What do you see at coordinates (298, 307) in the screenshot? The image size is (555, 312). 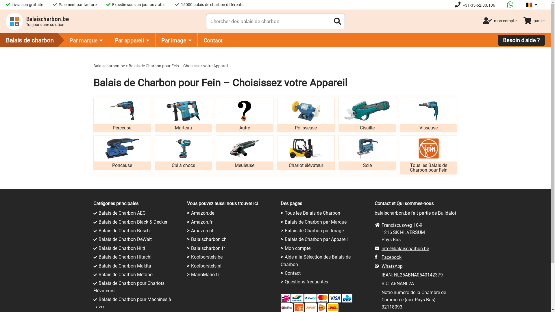 I see `'ING-logo'` at bounding box center [298, 307].